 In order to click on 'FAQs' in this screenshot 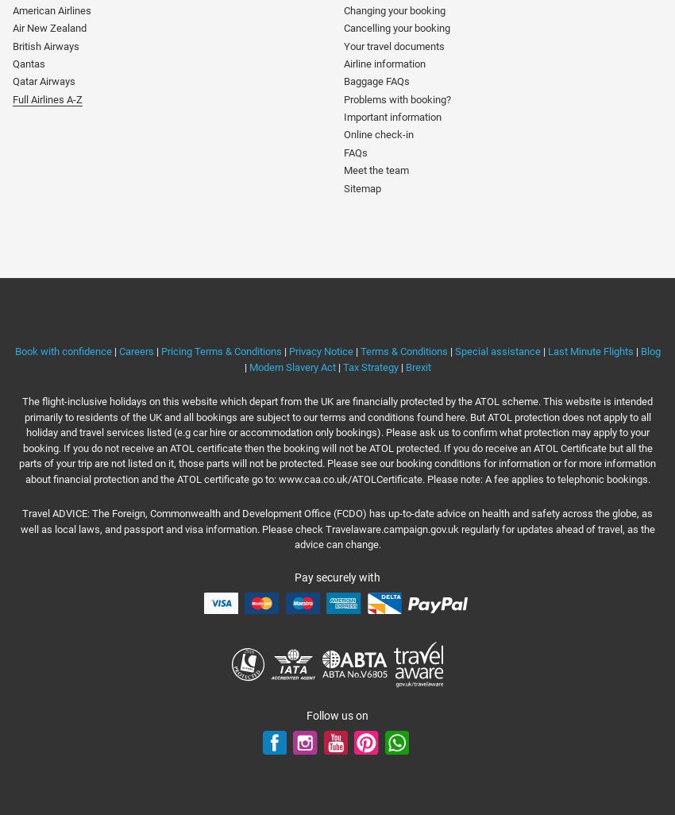, I will do `click(355, 151)`.